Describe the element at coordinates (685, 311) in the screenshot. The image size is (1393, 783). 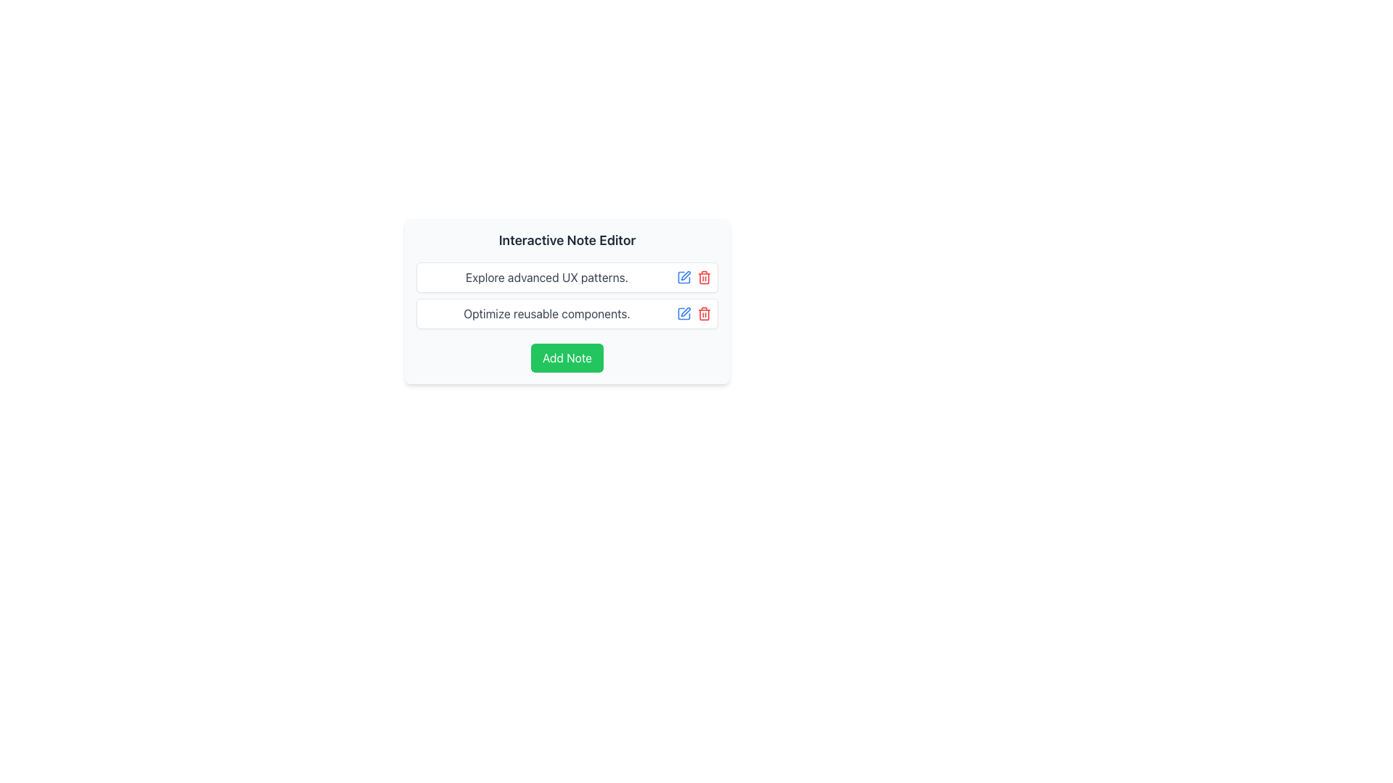
I see `the edit action icon located in the second column of interactive actions next to the associated text` at that location.